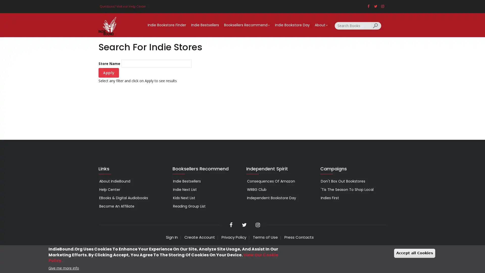  I want to click on Accept all Cookies, so click(415, 253).